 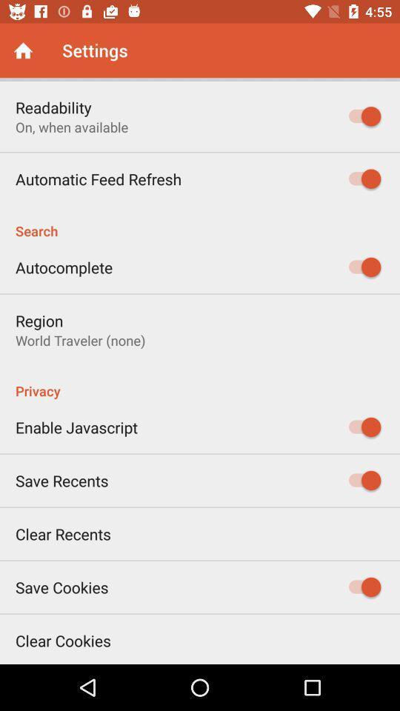 I want to click on the region item, so click(x=39, y=321).